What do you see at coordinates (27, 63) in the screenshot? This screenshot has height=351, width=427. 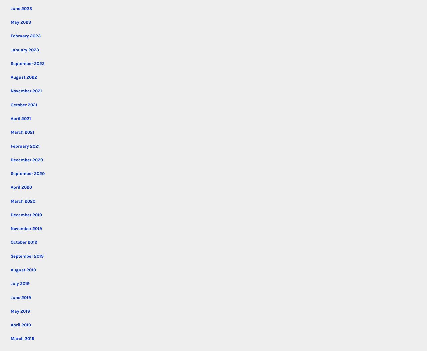 I see `'September 2022'` at bounding box center [27, 63].